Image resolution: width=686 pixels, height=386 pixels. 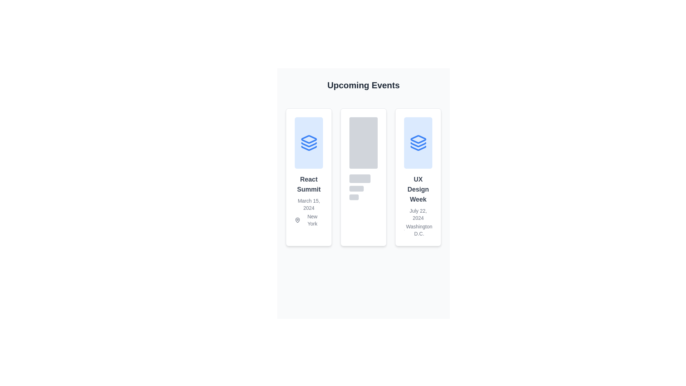 What do you see at coordinates (418, 143) in the screenshot?
I see `the icon representing the 'UX Design Week' event, which is located in the top section of the third card from the left under the 'Upcoming Events' heading` at bounding box center [418, 143].